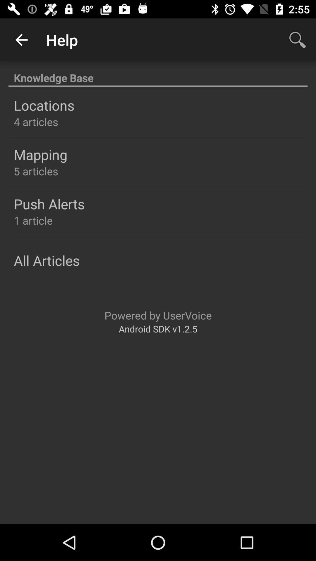 The image size is (316, 561). I want to click on mapping icon, so click(40, 155).